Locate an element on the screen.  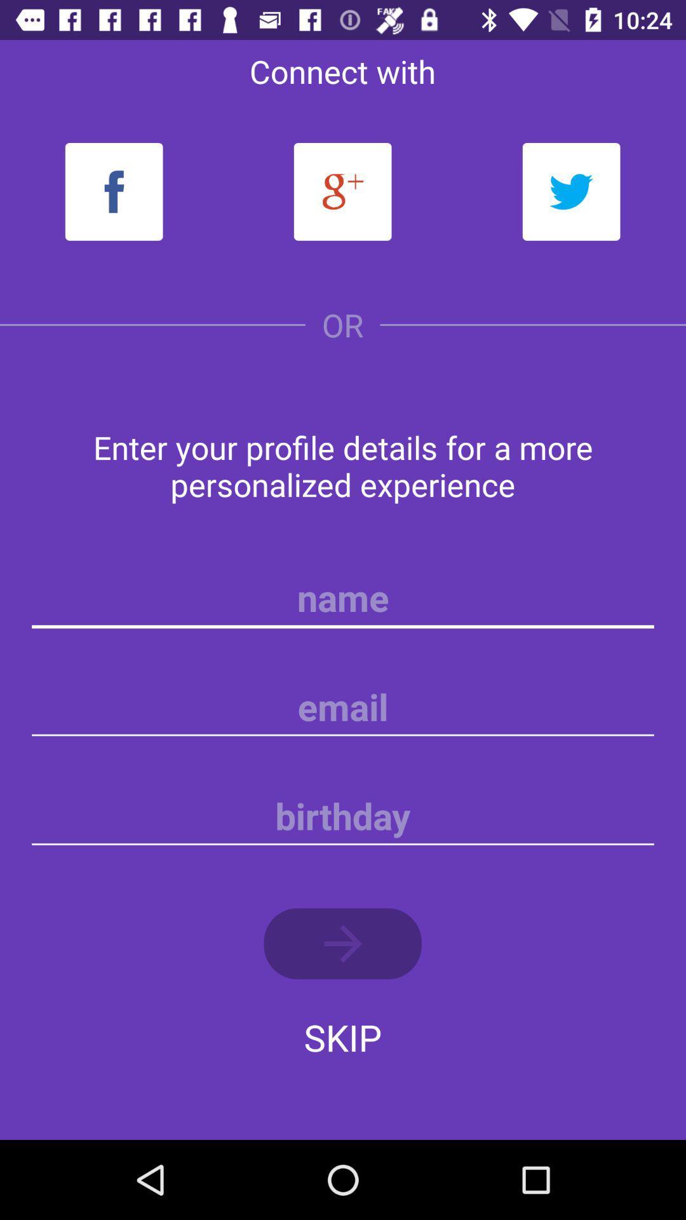
insert email is located at coordinates (343, 707).